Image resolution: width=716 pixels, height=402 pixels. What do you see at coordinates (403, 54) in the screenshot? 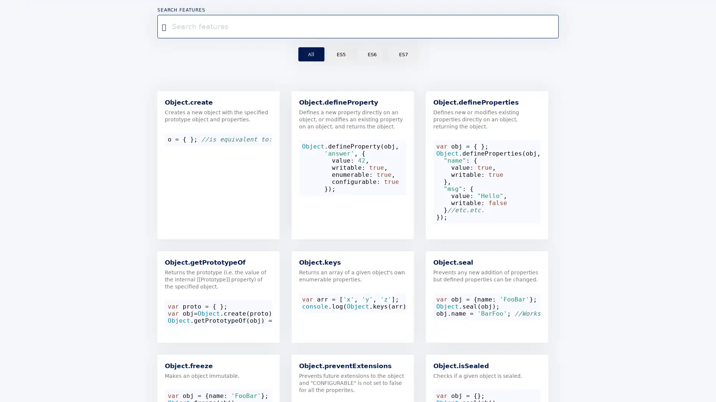
I see `ES7` at bounding box center [403, 54].